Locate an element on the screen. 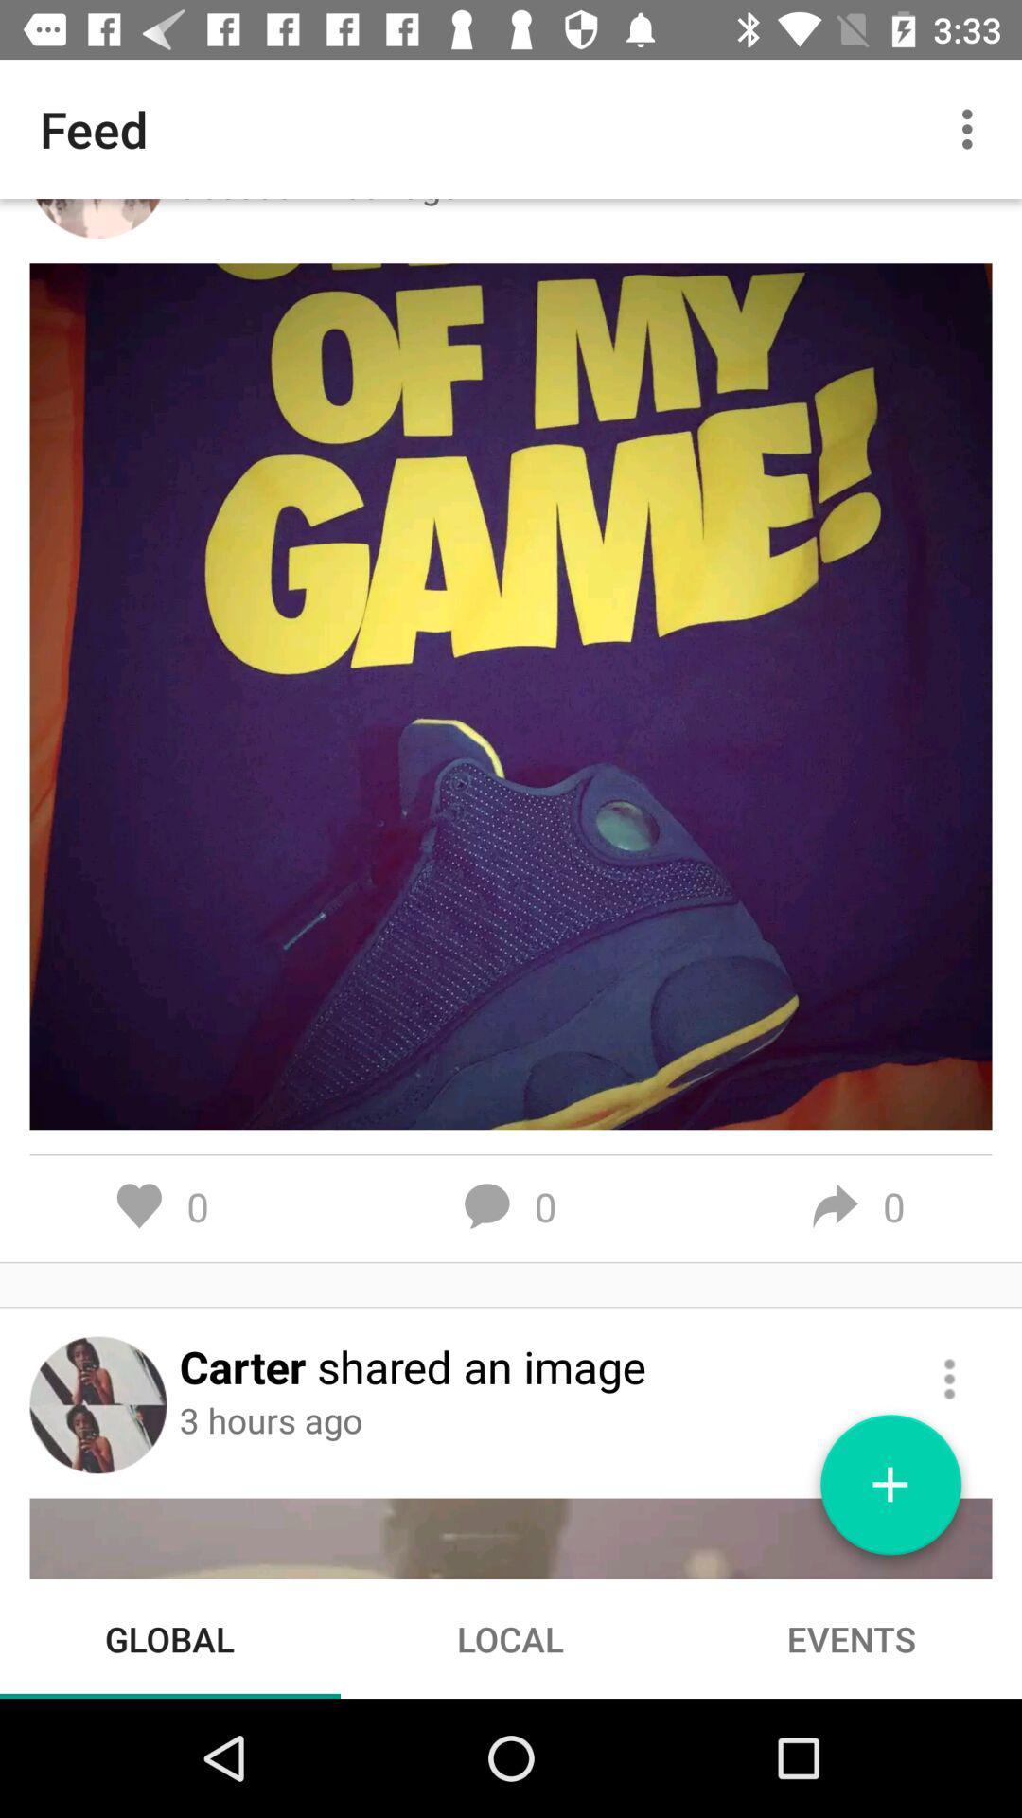 The width and height of the screenshot is (1022, 1818). click option is located at coordinates (949, 1379).